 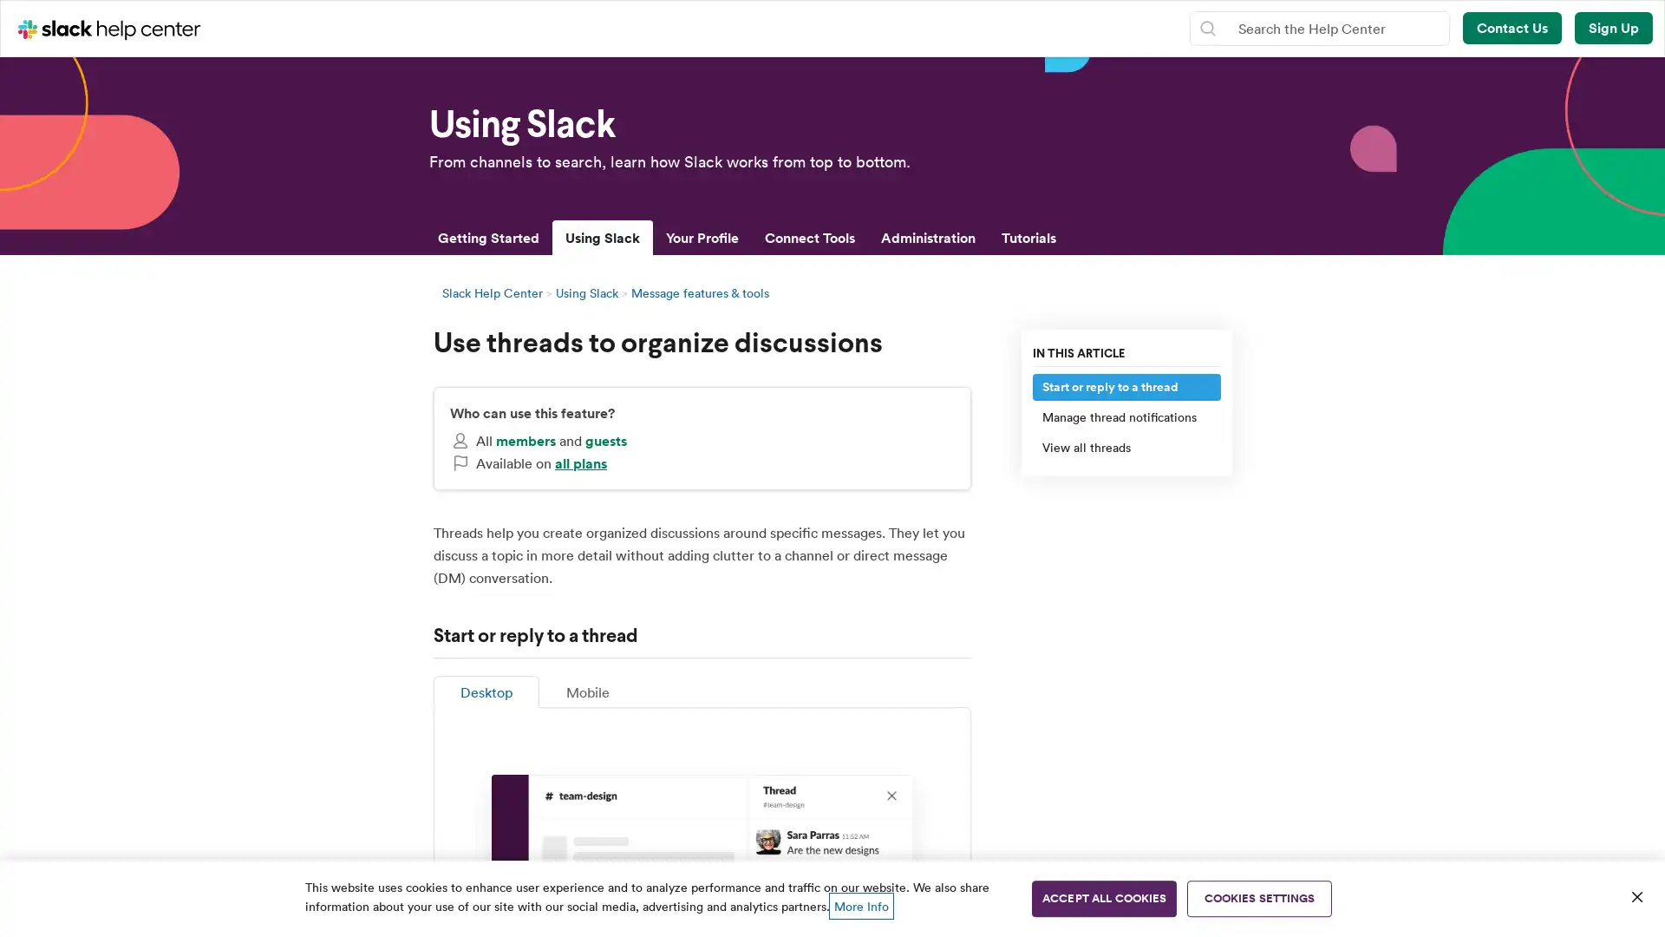 What do you see at coordinates (1636, 896) in the screenshot?
I see `Close` at bounding box center [1636, 896].